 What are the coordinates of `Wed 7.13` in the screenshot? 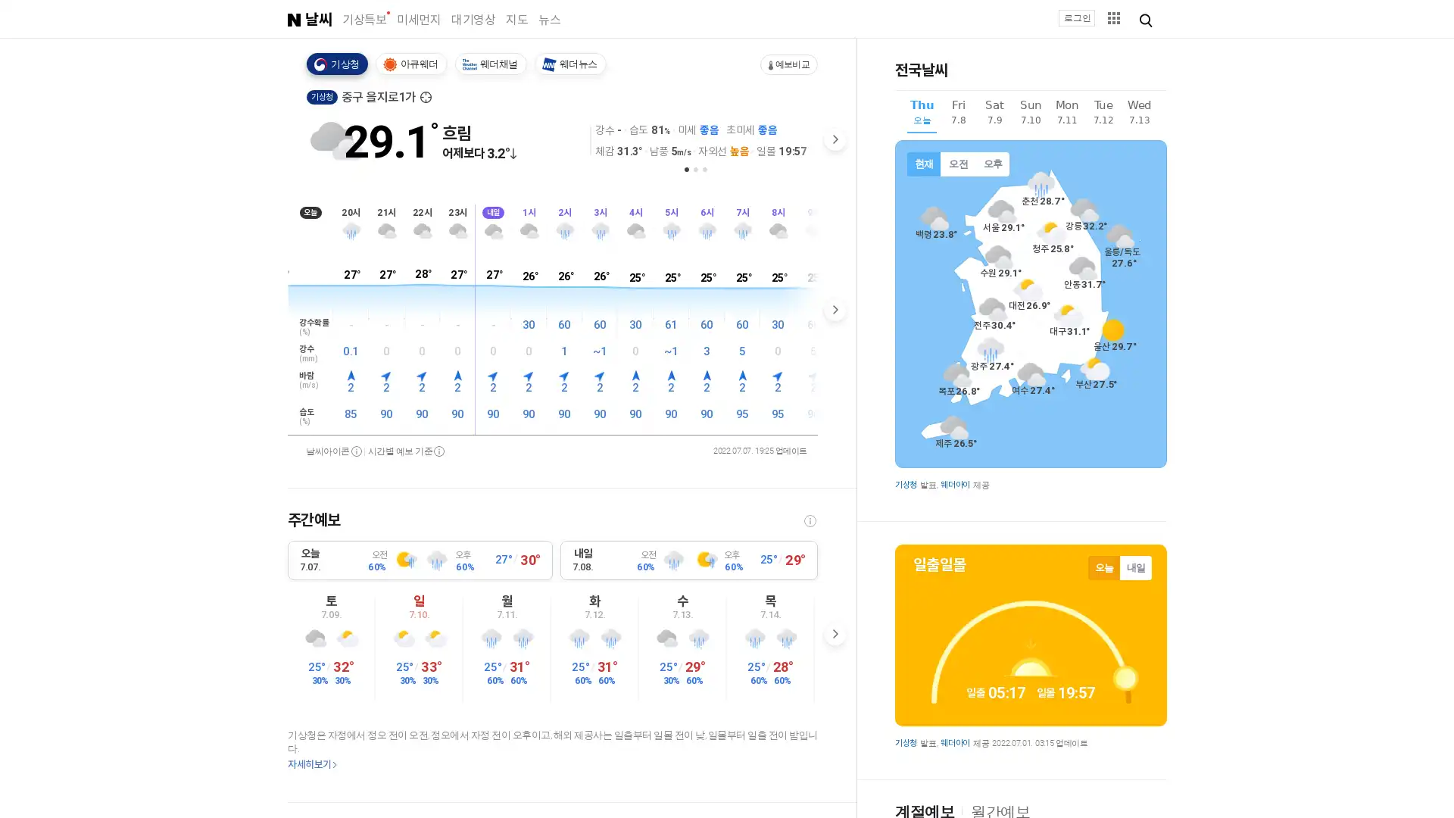 It's located at (1140, 114).